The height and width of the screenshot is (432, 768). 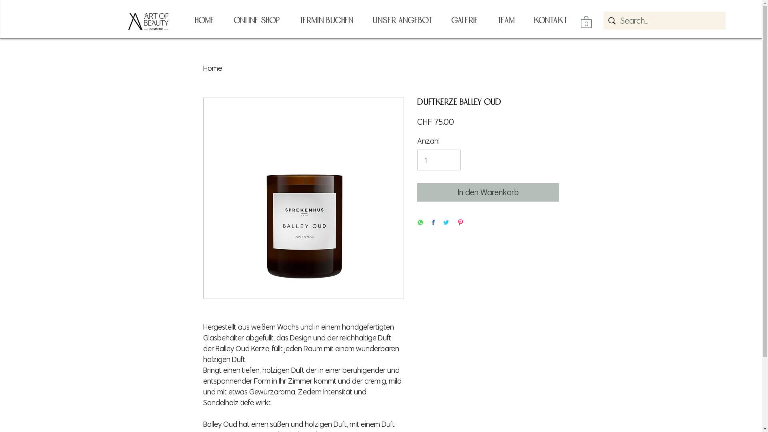 What do you see at coordinates (580, 21) in the screenshot?
I see `'0'` at bounding box center [580, 21].